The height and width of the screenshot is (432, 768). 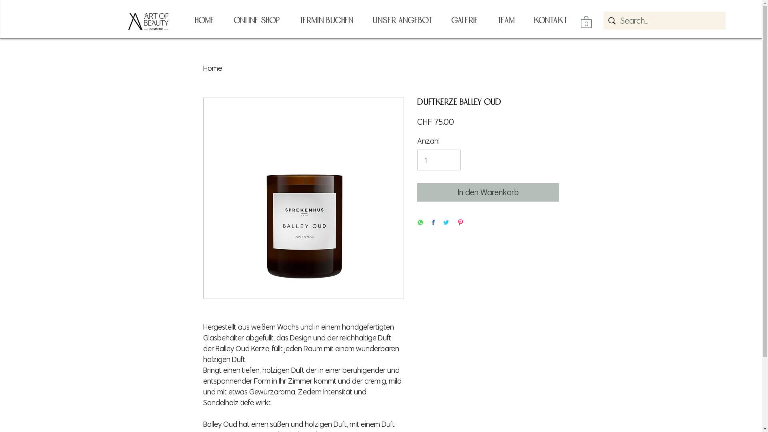 What do you see at coordinates (580, 21) in the screenshot?
I see `'0'` at bounding box center [580, 21].